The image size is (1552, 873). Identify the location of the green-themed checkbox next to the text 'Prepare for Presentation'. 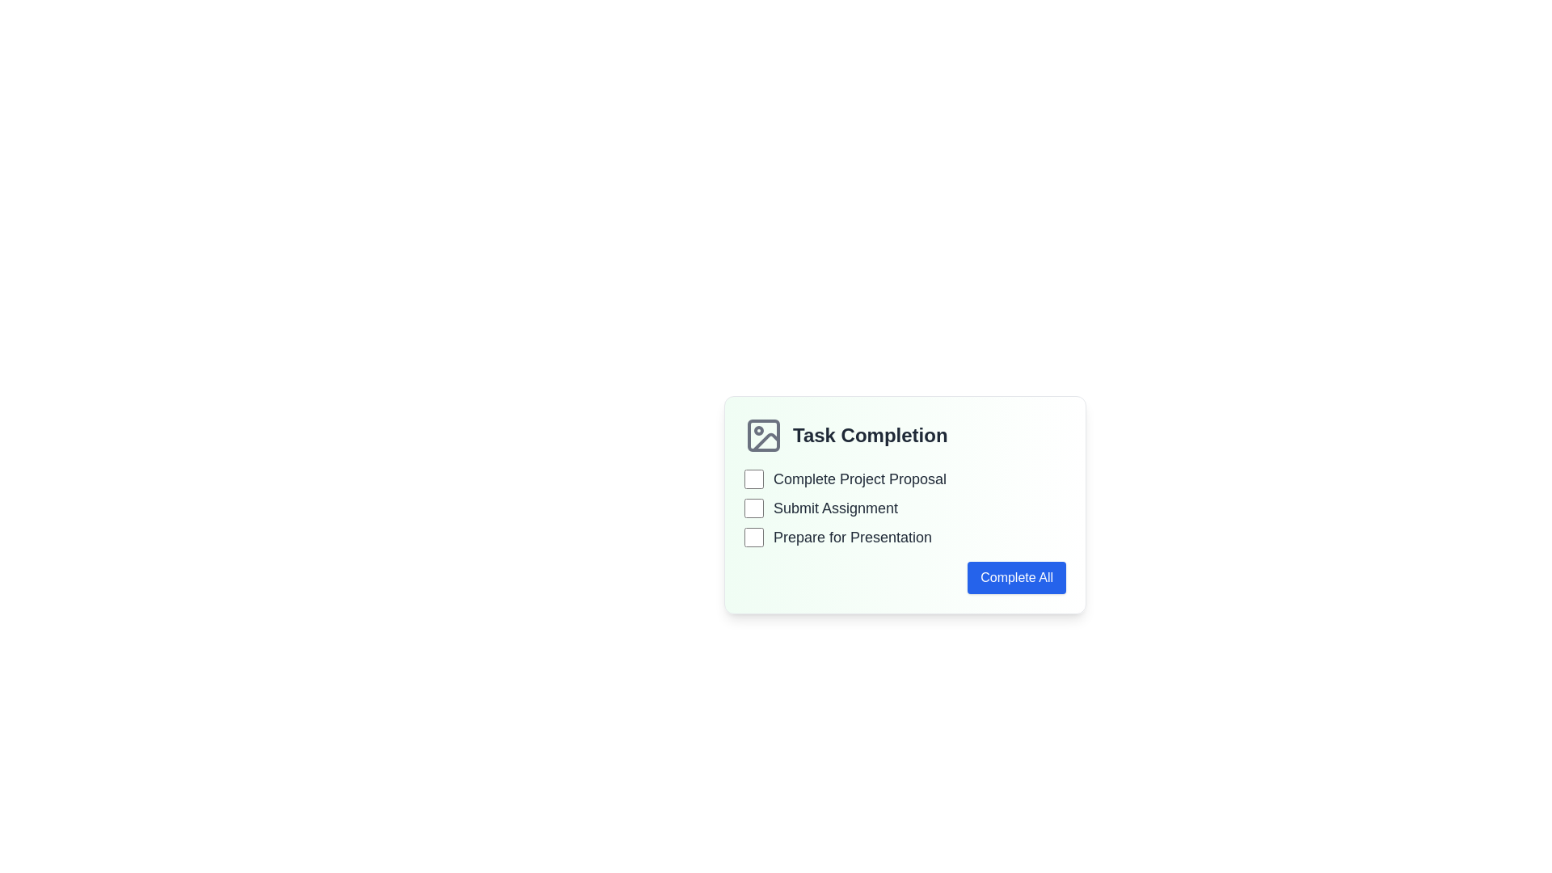
(753, 537).